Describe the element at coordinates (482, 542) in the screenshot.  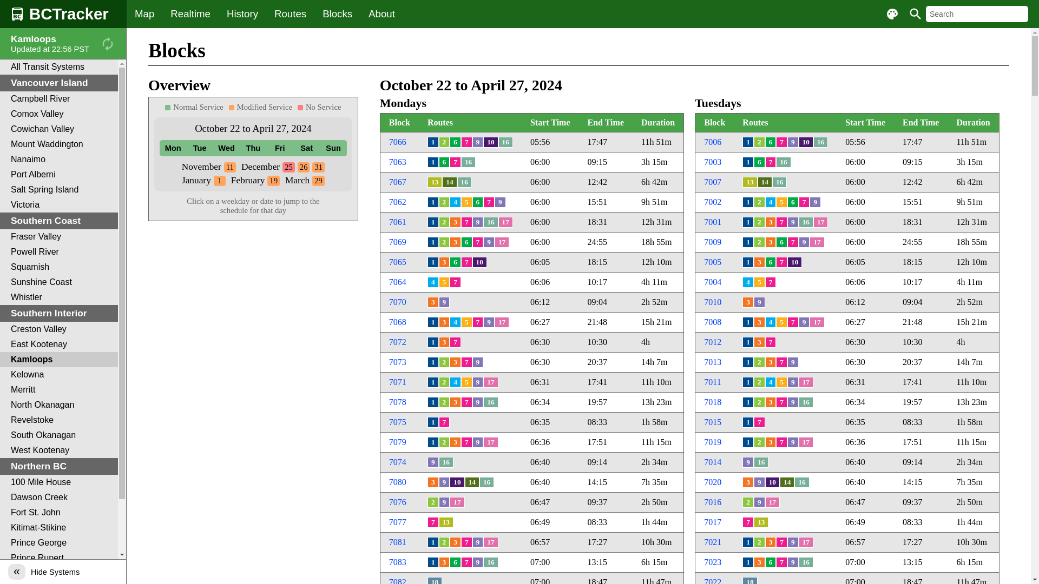
I see `'17'` at that location.